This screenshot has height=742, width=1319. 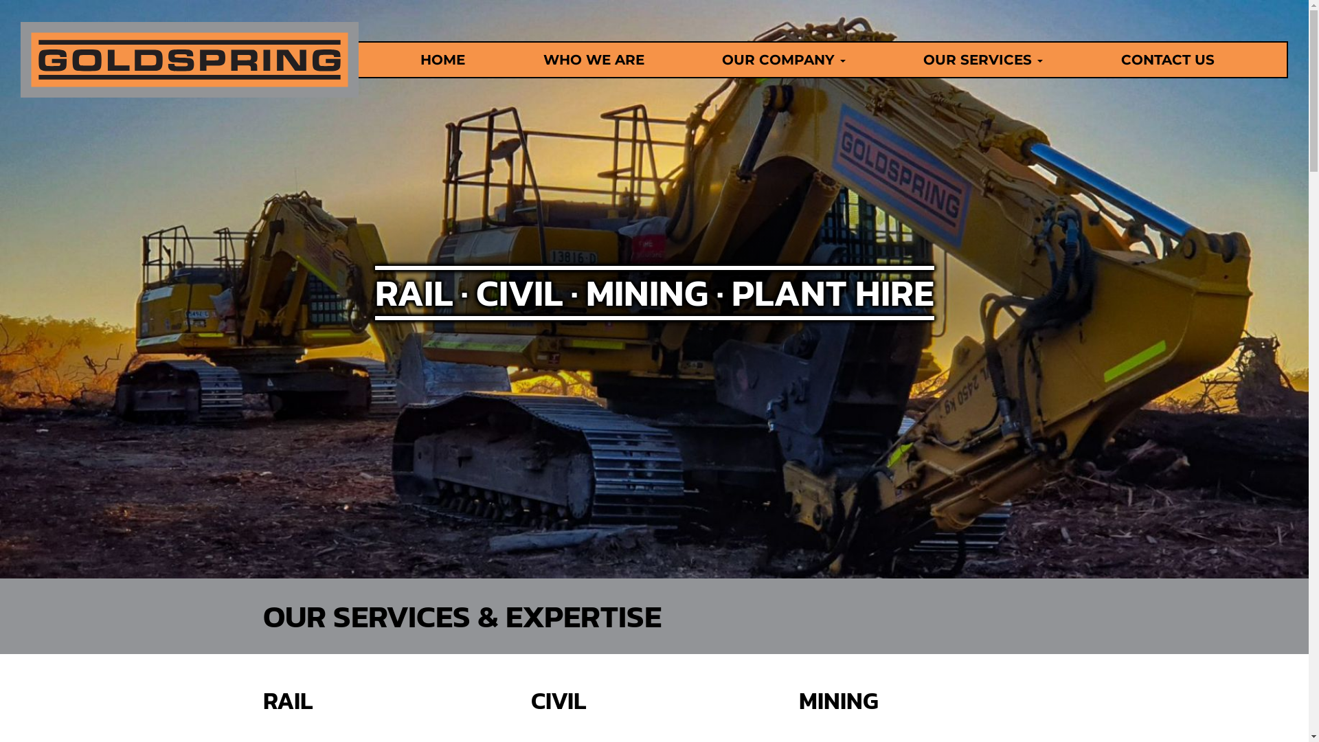 I want to click on 'OUR SERVICES', so click(x=982, y=59).